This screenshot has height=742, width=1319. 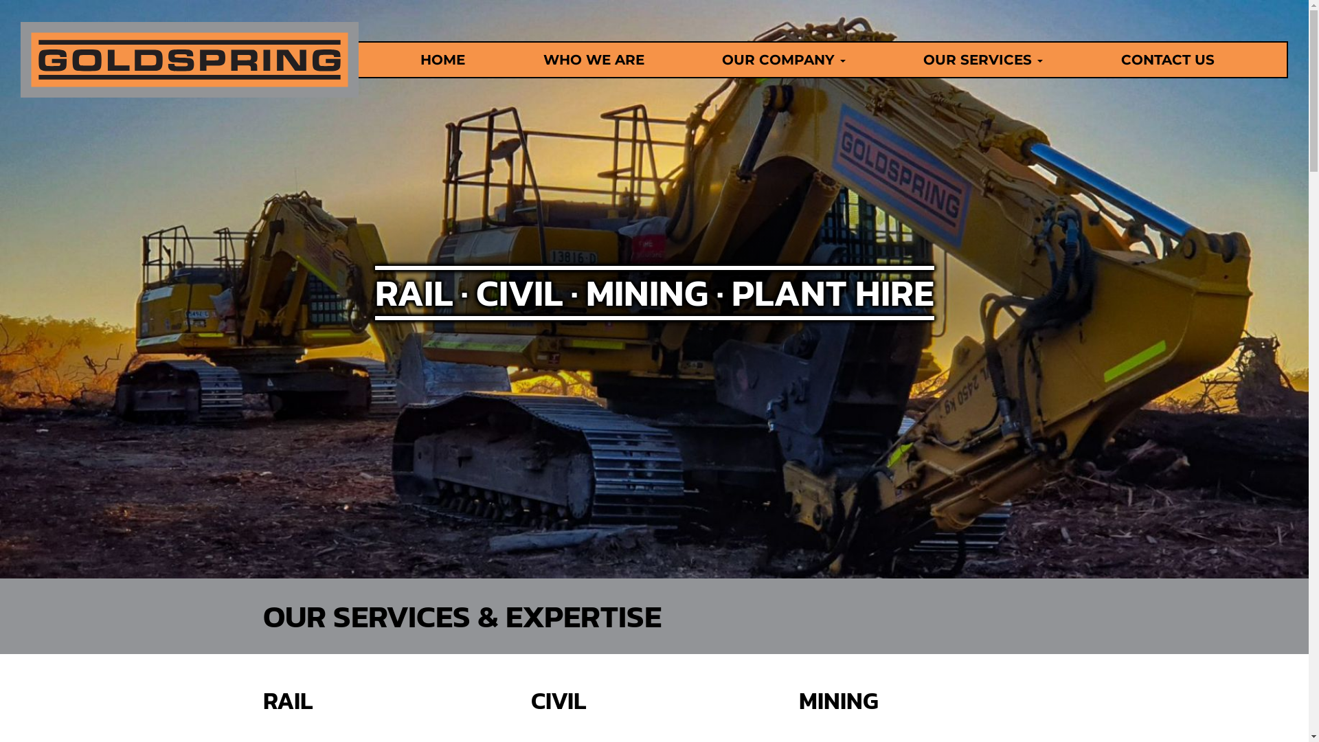 I want to click on 'OUR SERVICES', so click(x=982, y=59).